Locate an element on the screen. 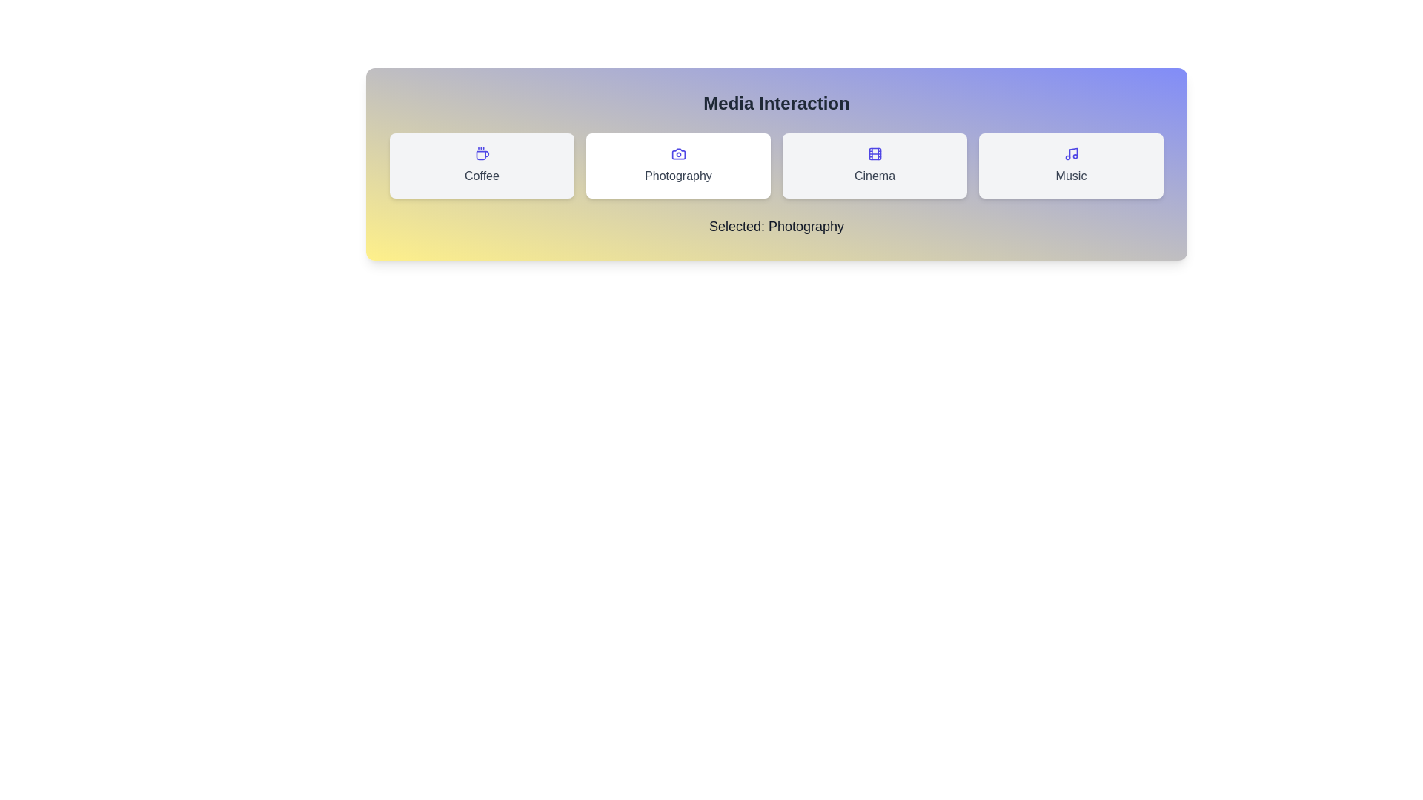  the Iconography component of the Cinema option in the Media Interaction menu, which is represented as a rectangular shape with rounded corners within a film reel illustration is located at coordinates (875, 154).